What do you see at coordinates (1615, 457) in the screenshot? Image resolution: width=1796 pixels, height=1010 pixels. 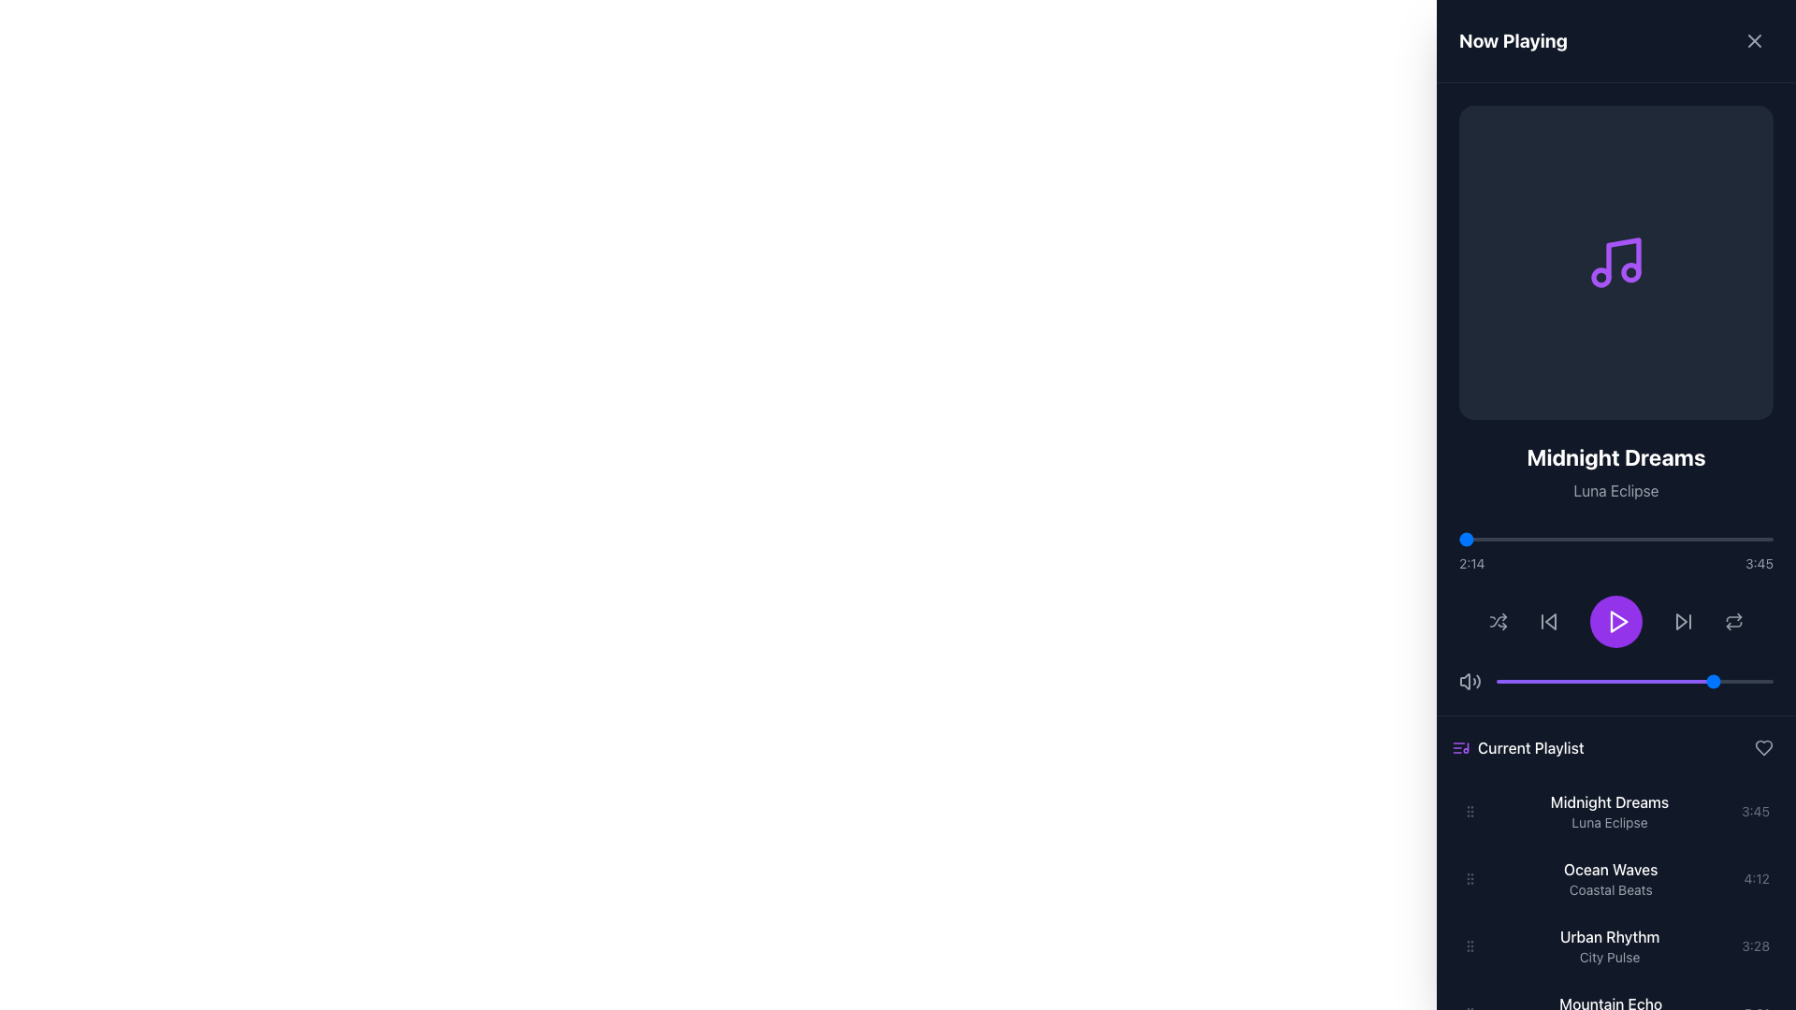 I see `the text label displaying the current track title, located at the top center of the panel above 'Luna Eclipse'` at bounding box center [1615, 457].